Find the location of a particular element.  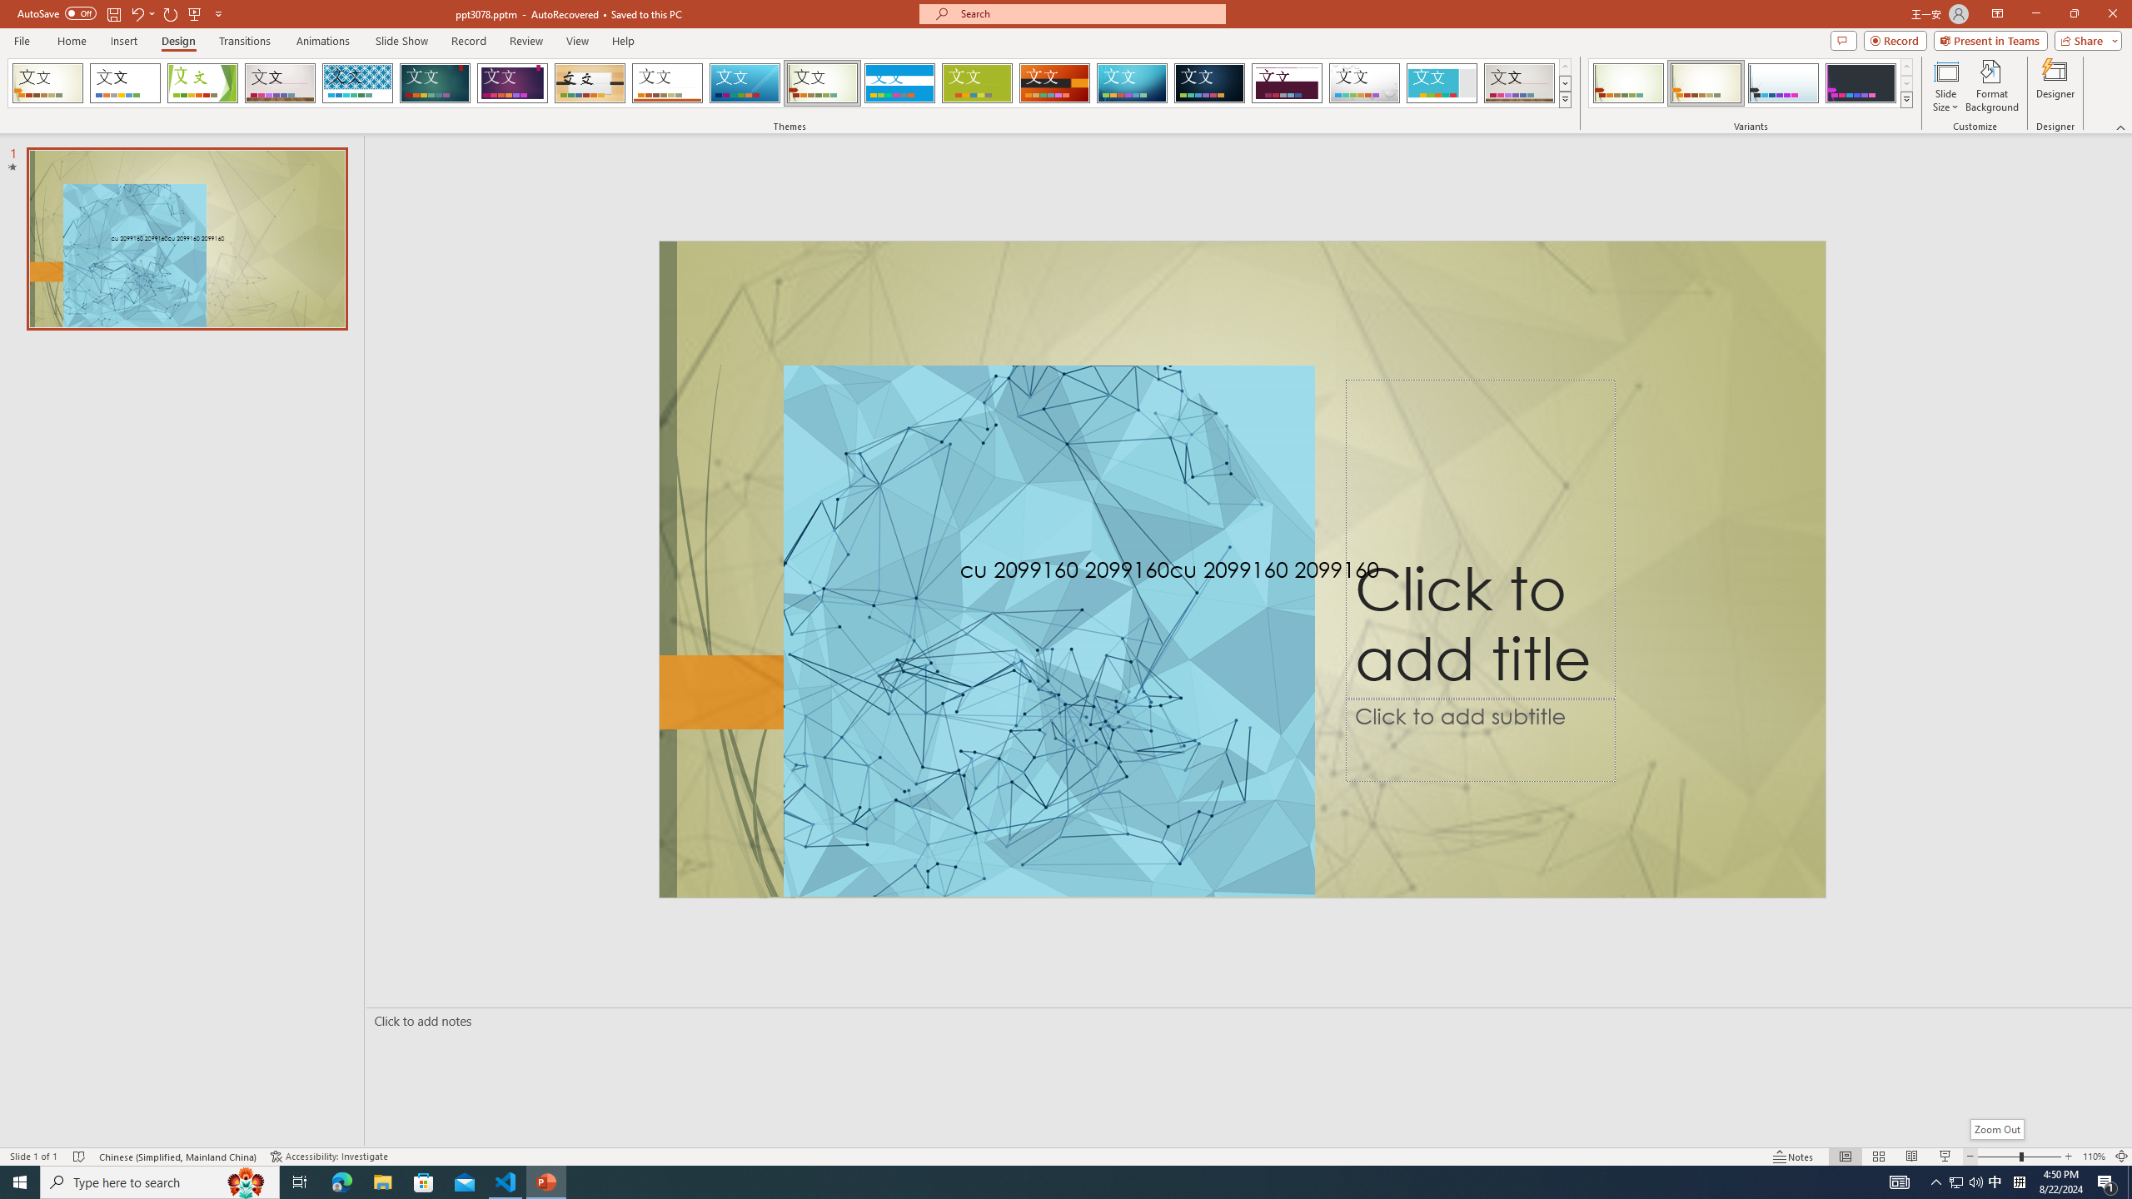

'Ion Loading Preview...' is located at coordinates (434, 82).